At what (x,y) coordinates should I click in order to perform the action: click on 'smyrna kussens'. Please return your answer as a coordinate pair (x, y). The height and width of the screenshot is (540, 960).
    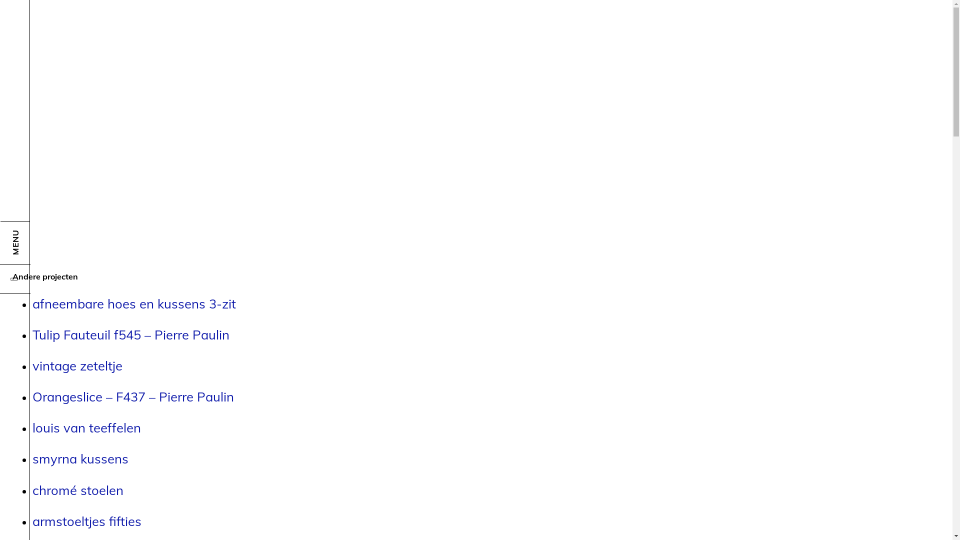
    Looking at the image, I should click on (80, 458).